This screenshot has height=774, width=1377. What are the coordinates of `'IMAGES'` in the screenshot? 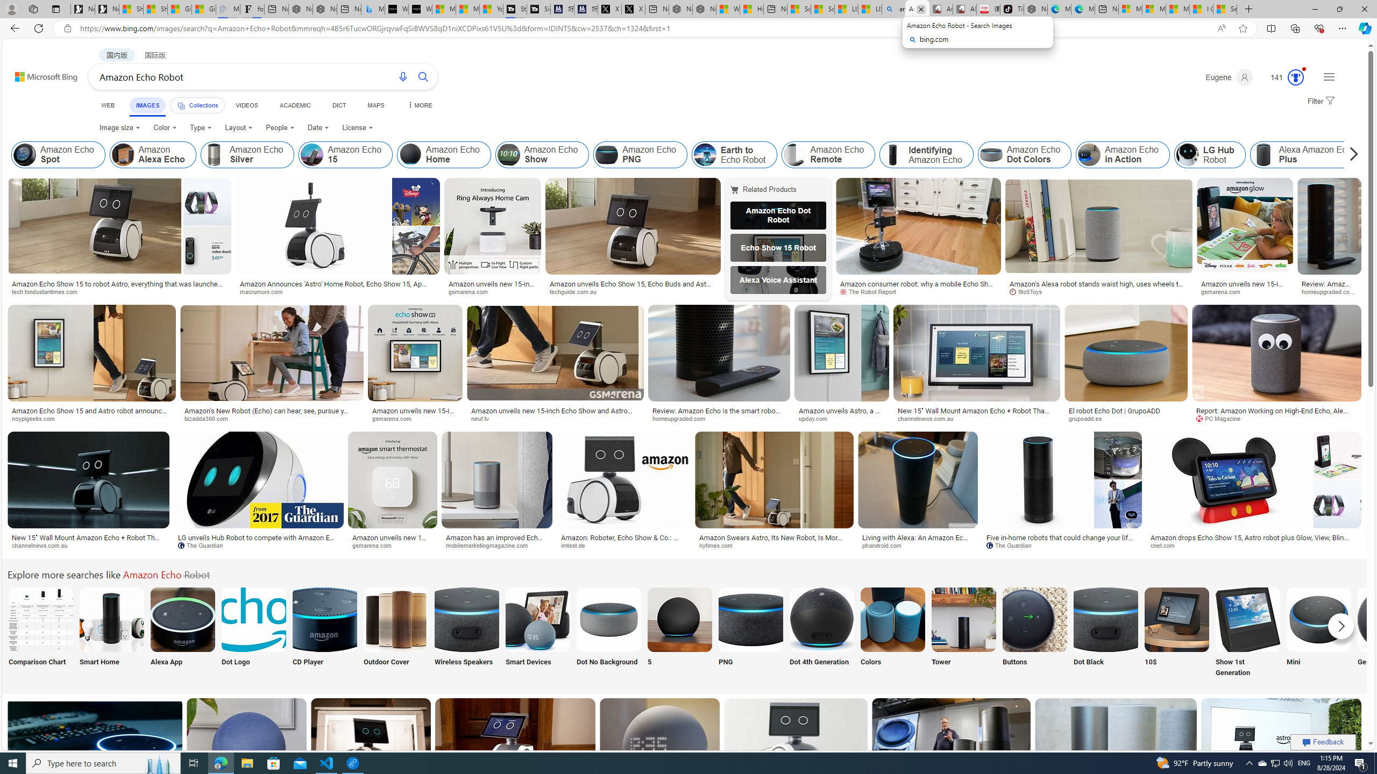 It's located at (147, 106).